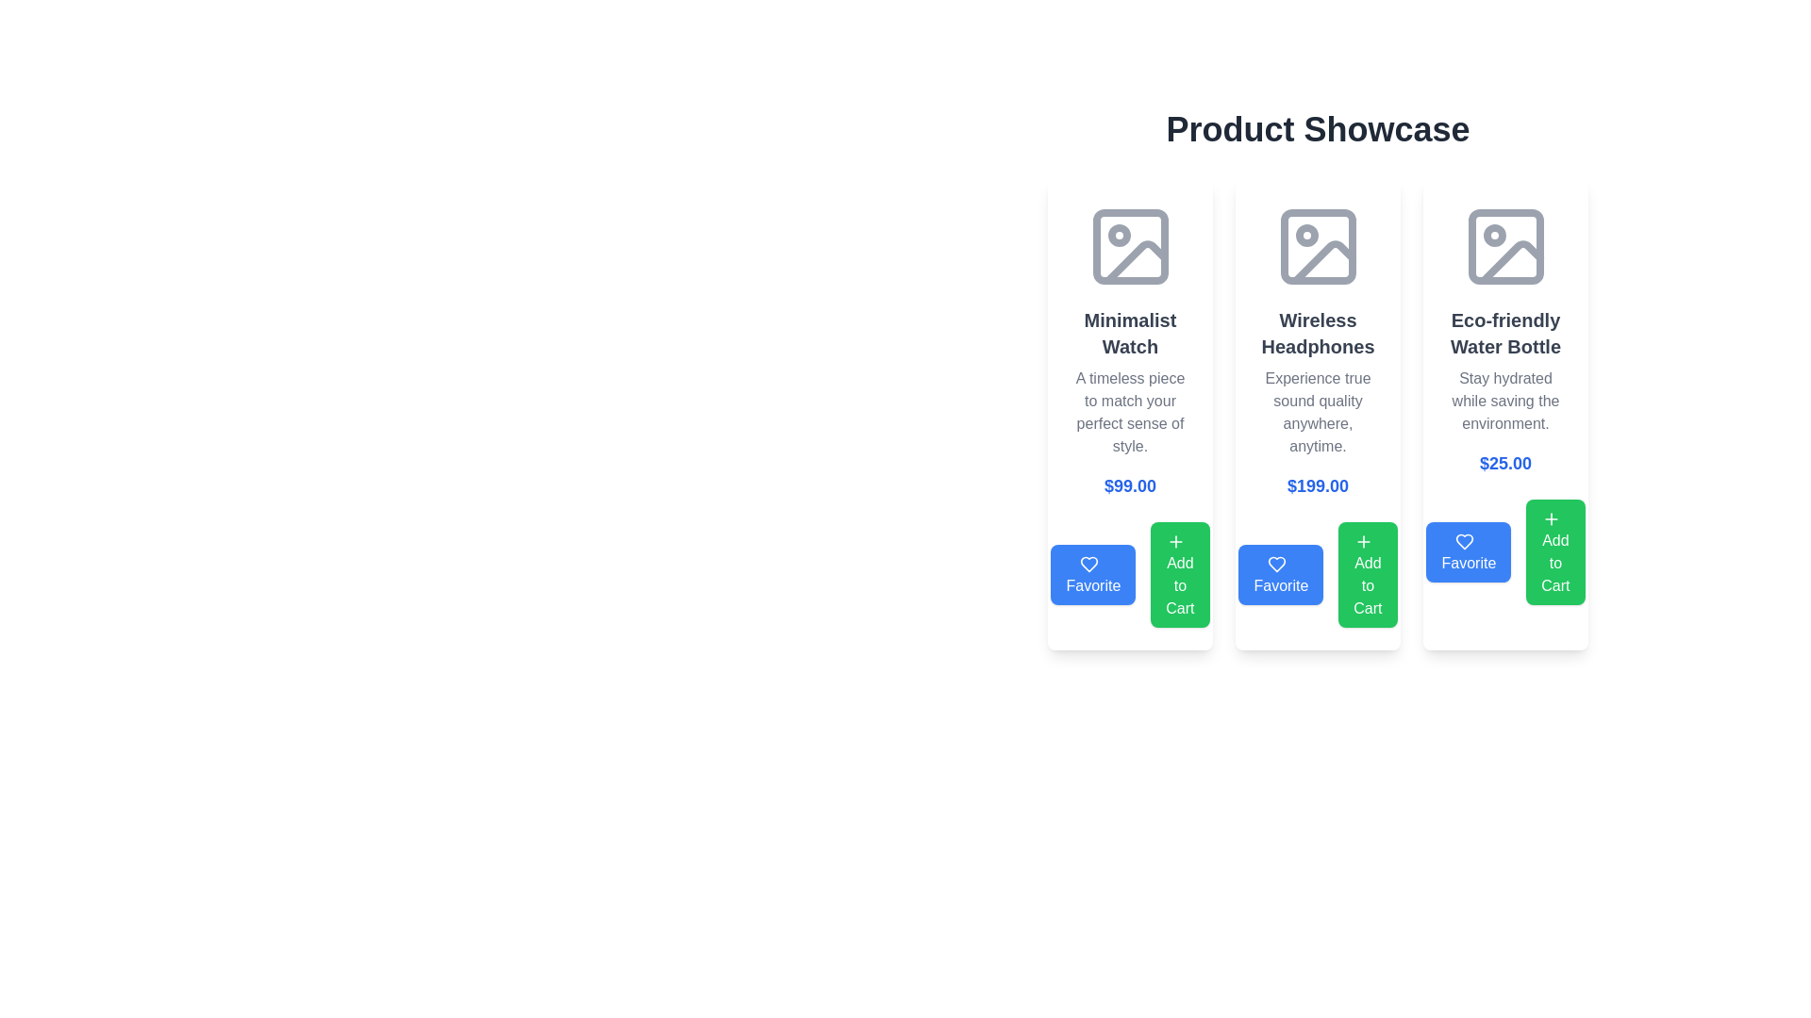 This screenshot has width=1811, height=1018. I want to click on text label displaying 'Experience true sound quality anywhere, anytime.' located within the card for 'Wireless Headphones', positioned below the title and above the price, so click(1317, 412).